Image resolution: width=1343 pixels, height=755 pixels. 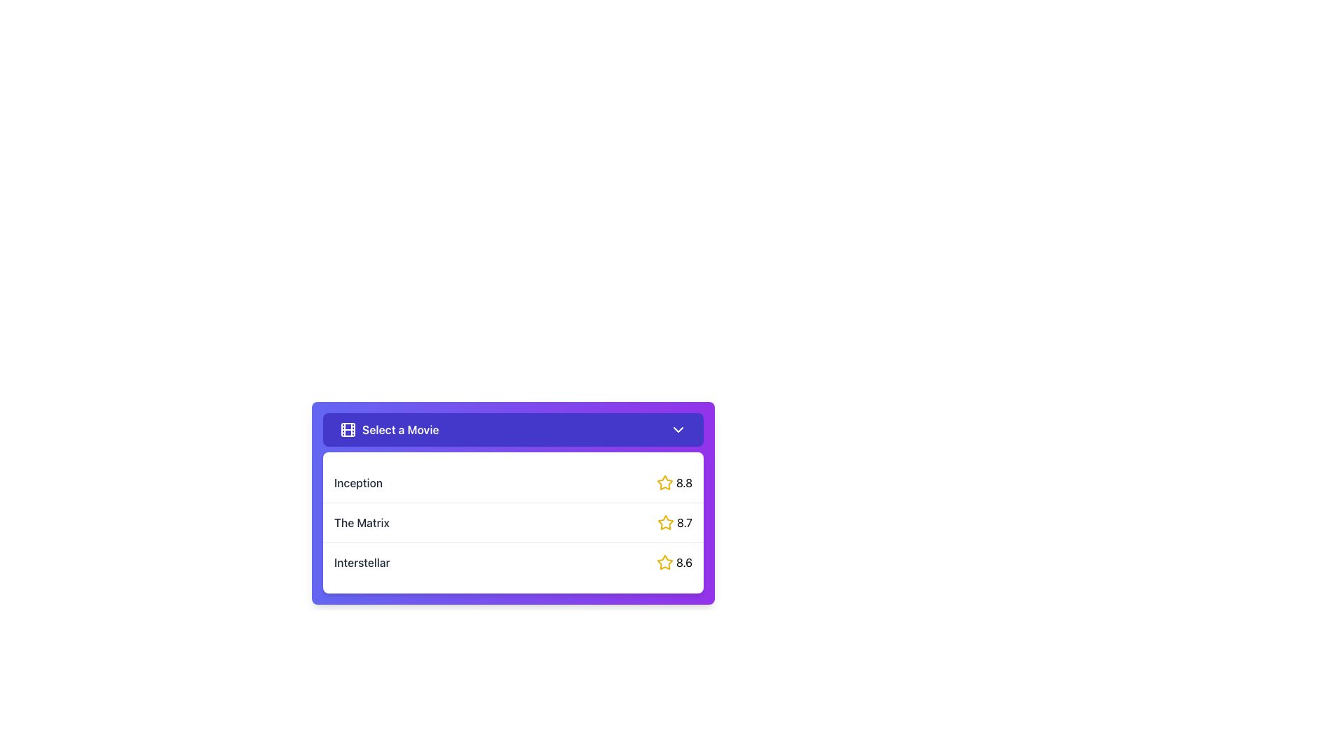 I want to click on the film icon that is an outlined glyph resembling a film reel, located at the far-left side of the 'Select a Movie' button, within a purple background bar, so click(x=348, y=429).